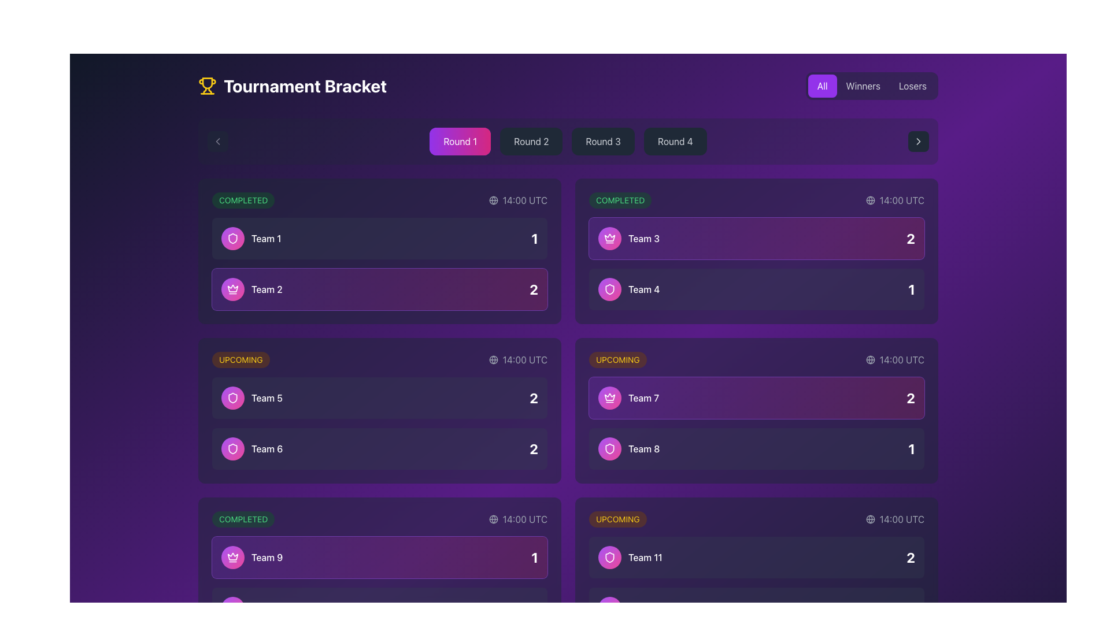 Image resolution: width=1110 pixels, height=624 pixels. Describe the element at coordinates (675, 141) in the screenshot. I see `the 'Round 4' text label in the navigation bar` at that location.